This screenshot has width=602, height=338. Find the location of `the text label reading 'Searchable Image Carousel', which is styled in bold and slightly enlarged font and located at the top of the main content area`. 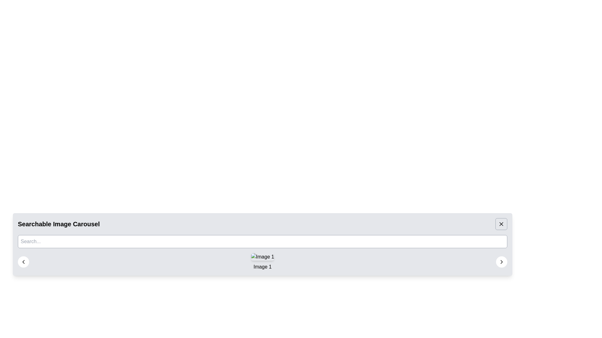

the text label reading 'Searchable Image Carousel', which is styled in bold and slightly enlarged font and located at the top of the main content area is located at coordinates (59, 224).